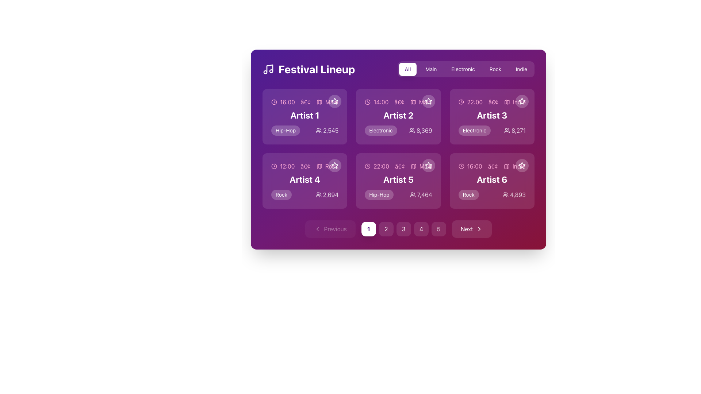 Image resolution: width=701 pixels, height=394 pixels. I want to click on the chevron icon embedded within the next button located at the bottom right of the interface, so click(479, 229).